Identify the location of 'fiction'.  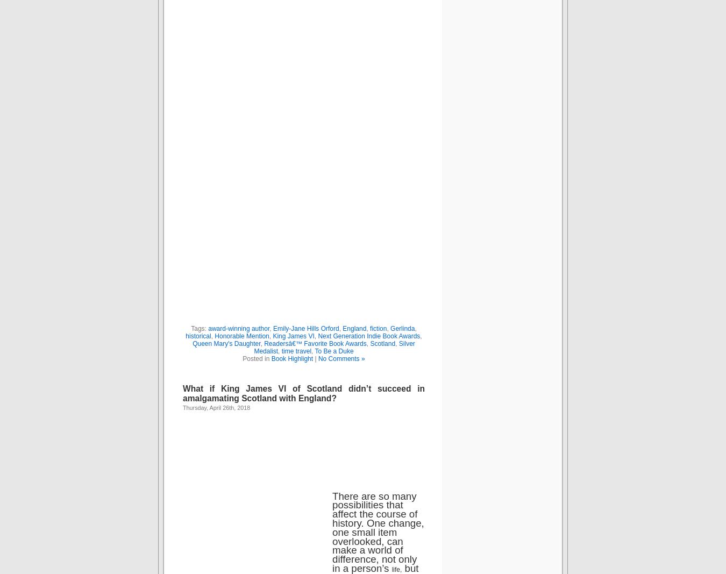
(378, 328).